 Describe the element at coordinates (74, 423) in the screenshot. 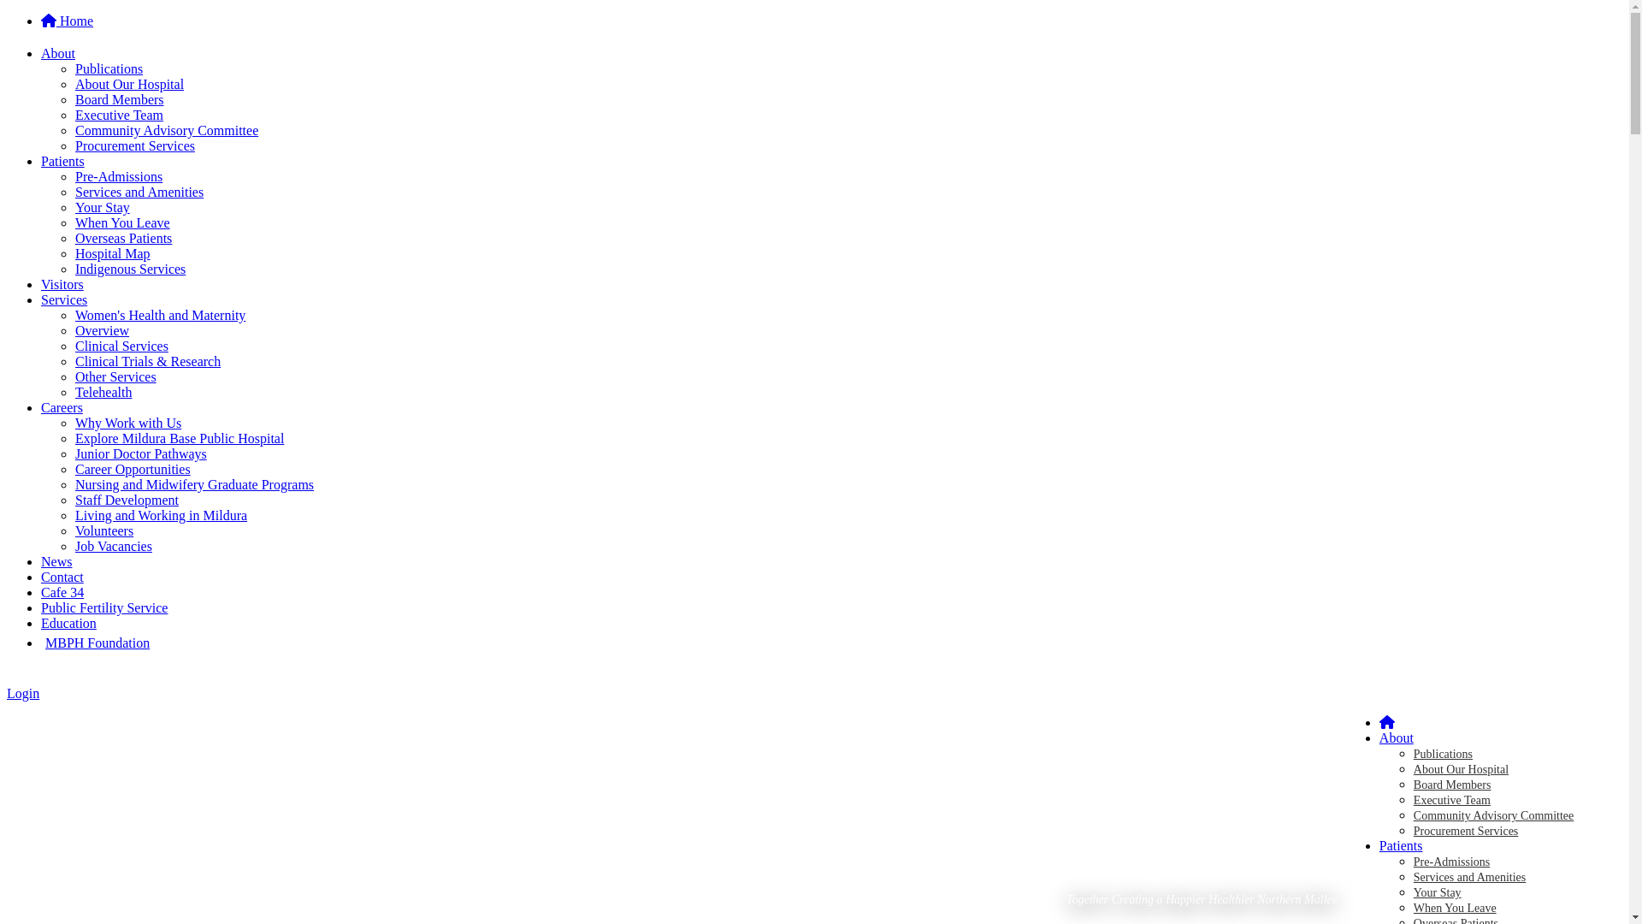

I see `'Why Work with Us'` at that location.